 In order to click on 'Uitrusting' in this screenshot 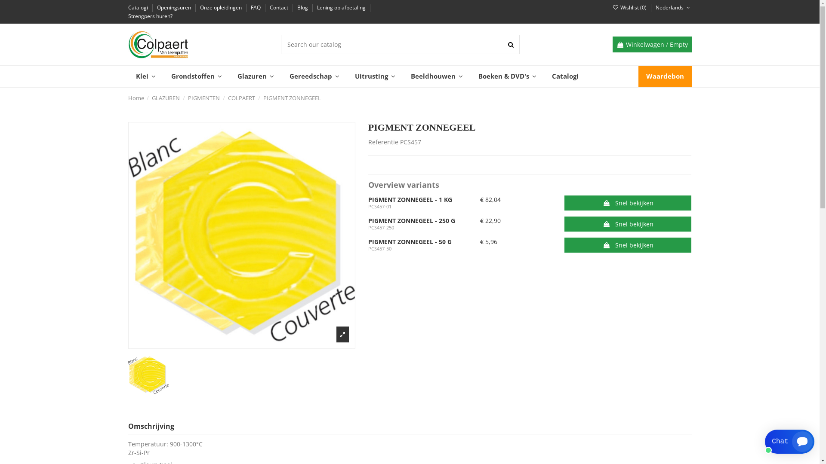, I will do `click(374, 76)`.